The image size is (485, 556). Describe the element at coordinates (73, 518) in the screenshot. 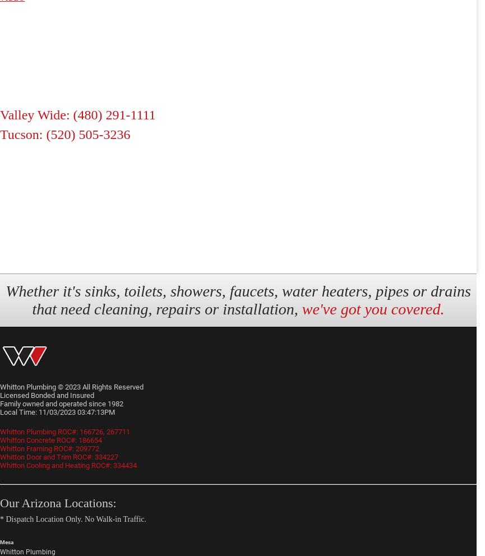

I see `'* Dispatch Location Only. No Walk-in Traffic.'` at that location.